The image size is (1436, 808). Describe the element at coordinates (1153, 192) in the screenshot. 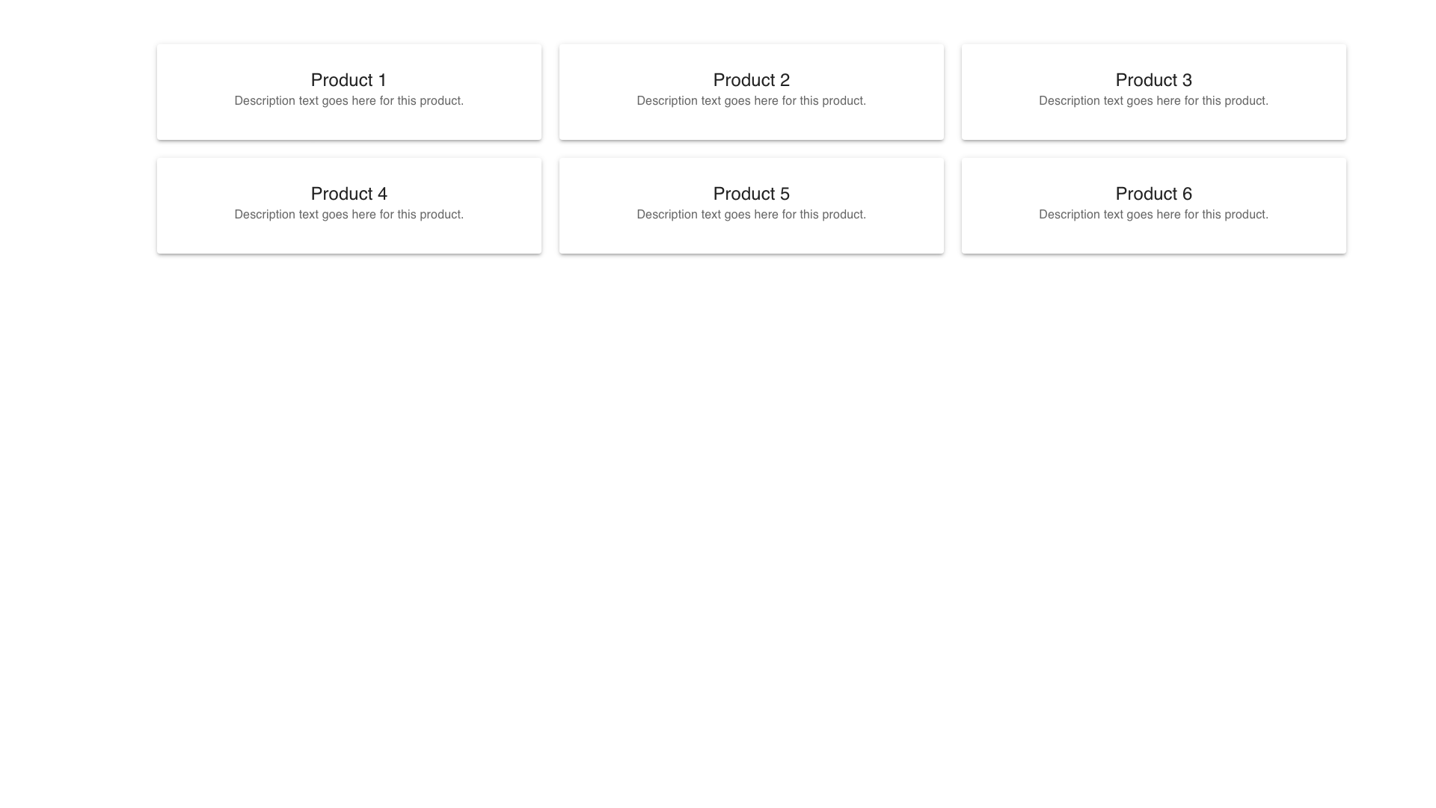

I see `the Text Label displaying 'Product 6' that is located in the bottom-right position of a 2x3 grid layout of cards, specifically being the last card in the structure` at that location.